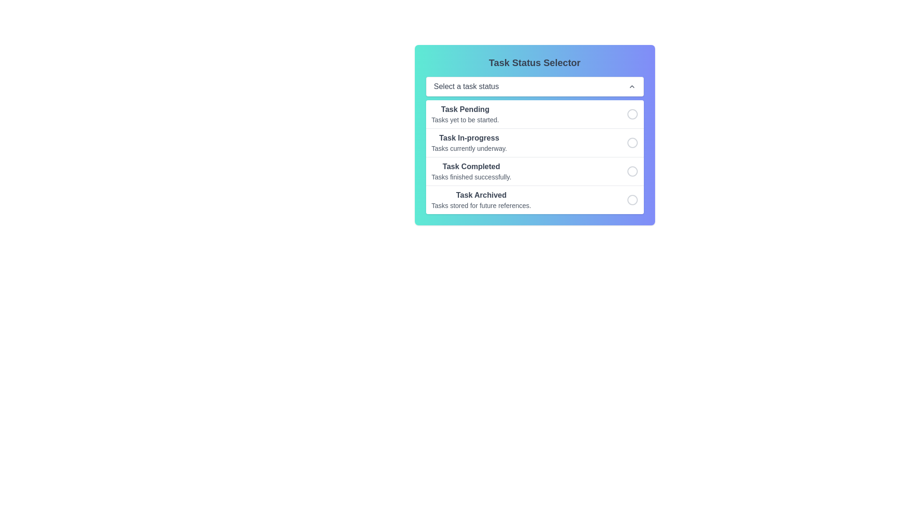 The height and width of the screenshot is (506, 901). Describe the element at coordinates (481, 194) in the screenshot. I see `the 'Task Archived' text label located in the fourth row of the vertical list within the 'Task Status Selector' card interface` at that location.